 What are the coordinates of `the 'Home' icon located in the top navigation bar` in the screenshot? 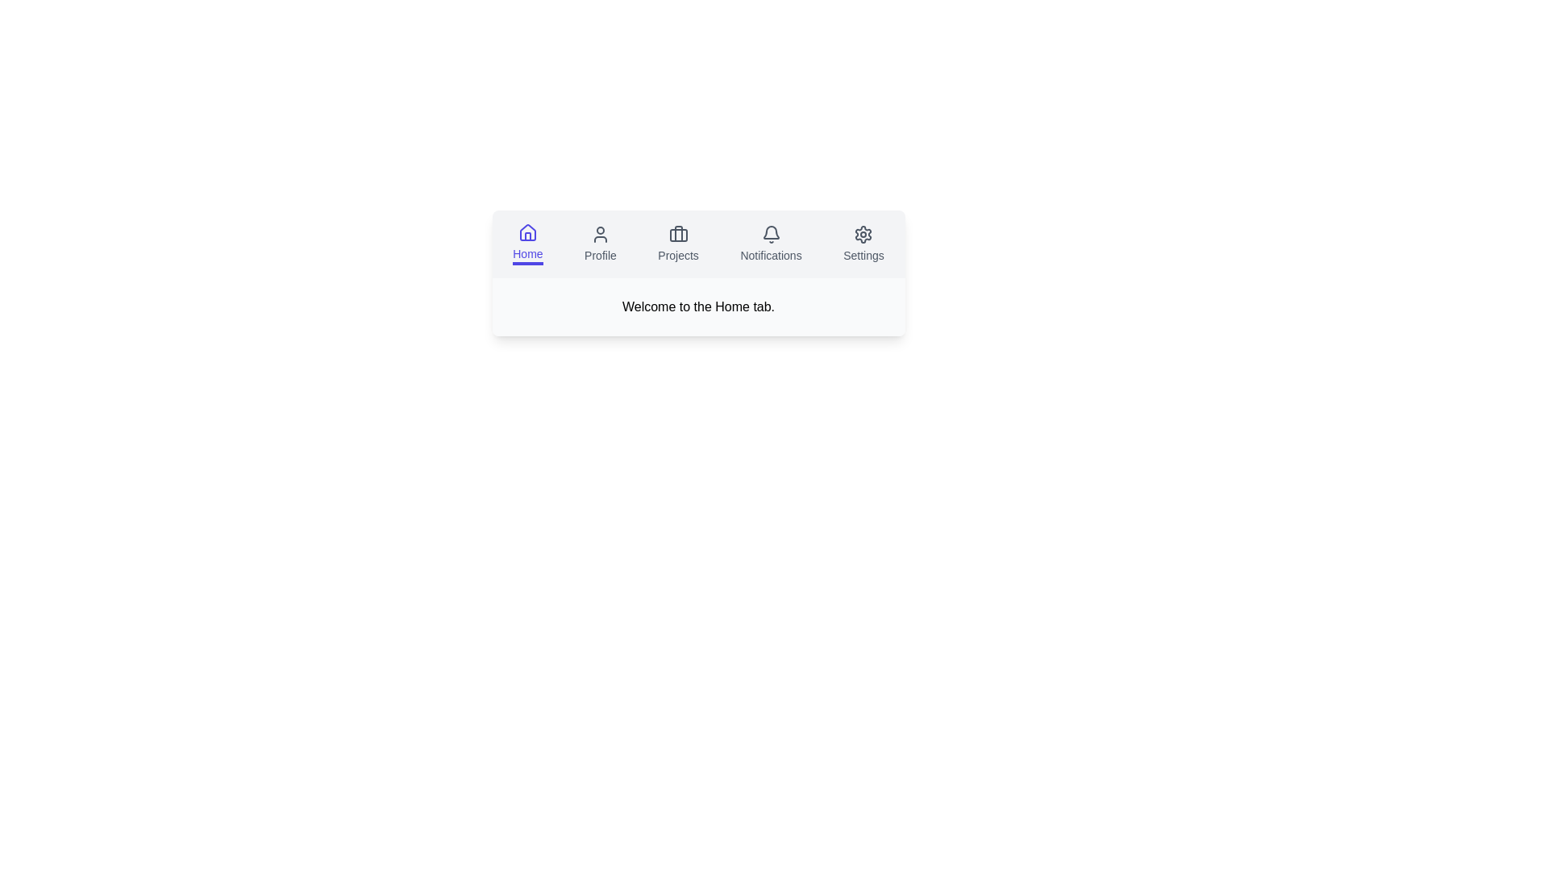 It's located at (527, 233).